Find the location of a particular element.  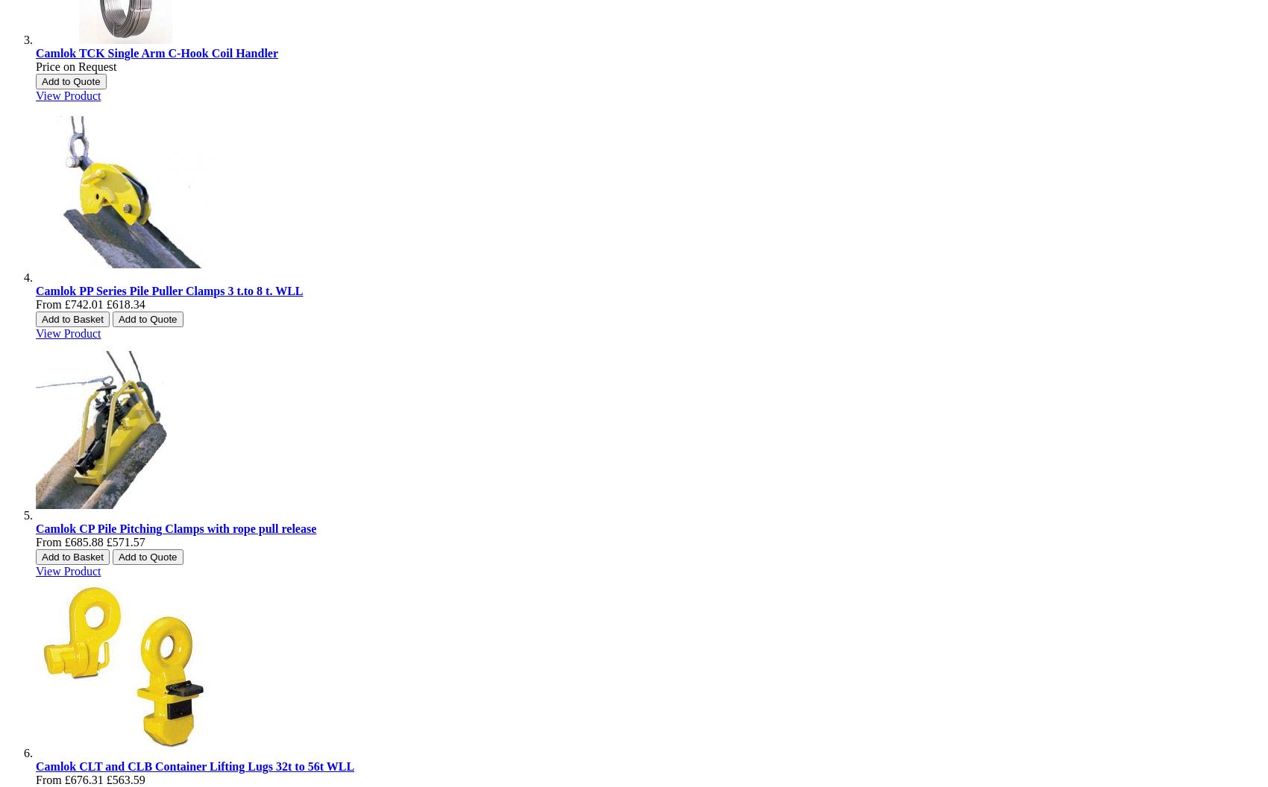

'Price on Request' is located at coordinates (76, 66).